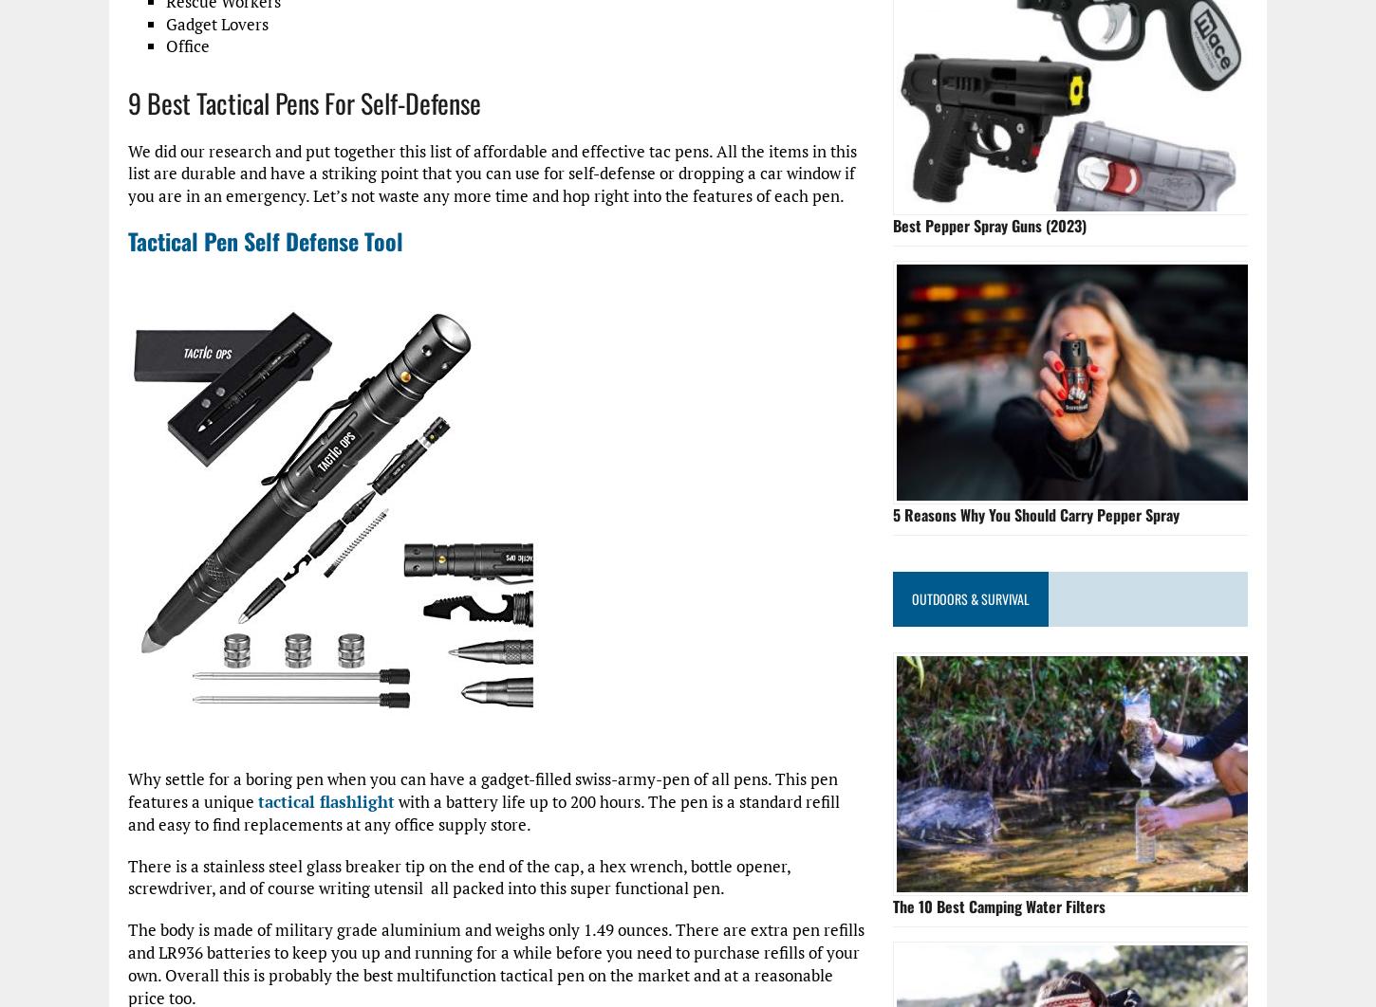 Image resolution: width=1376 pixels, height=1007 pixels. Describe the element at coordinates (126, 173) in the screenshot. I see `'We did our research and put together this list of affordable and effective tac pens. All the items in this list are durable and have a striking point that you can use for self-defense or dropping a car window if you are in an emergency. Let’s not waste any more time and hop right into the features of each pen.'` at that location.